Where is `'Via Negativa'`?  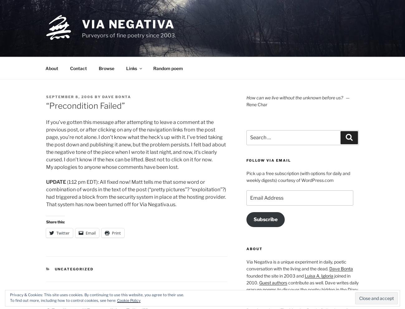
'Via Negativa' is located at coordinates (128, 24).